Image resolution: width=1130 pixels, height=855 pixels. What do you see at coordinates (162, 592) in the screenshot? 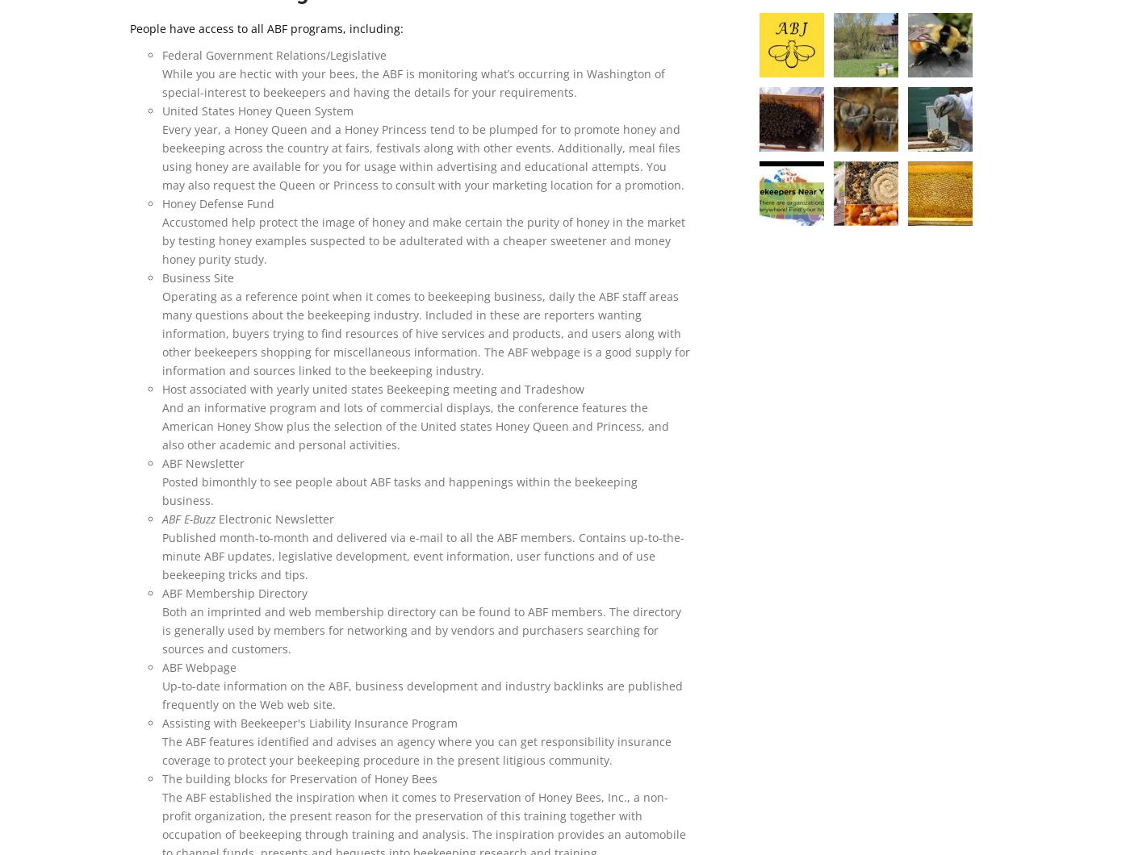
I see `'ABF Membership Directory'` at bounding box center [162, 592].